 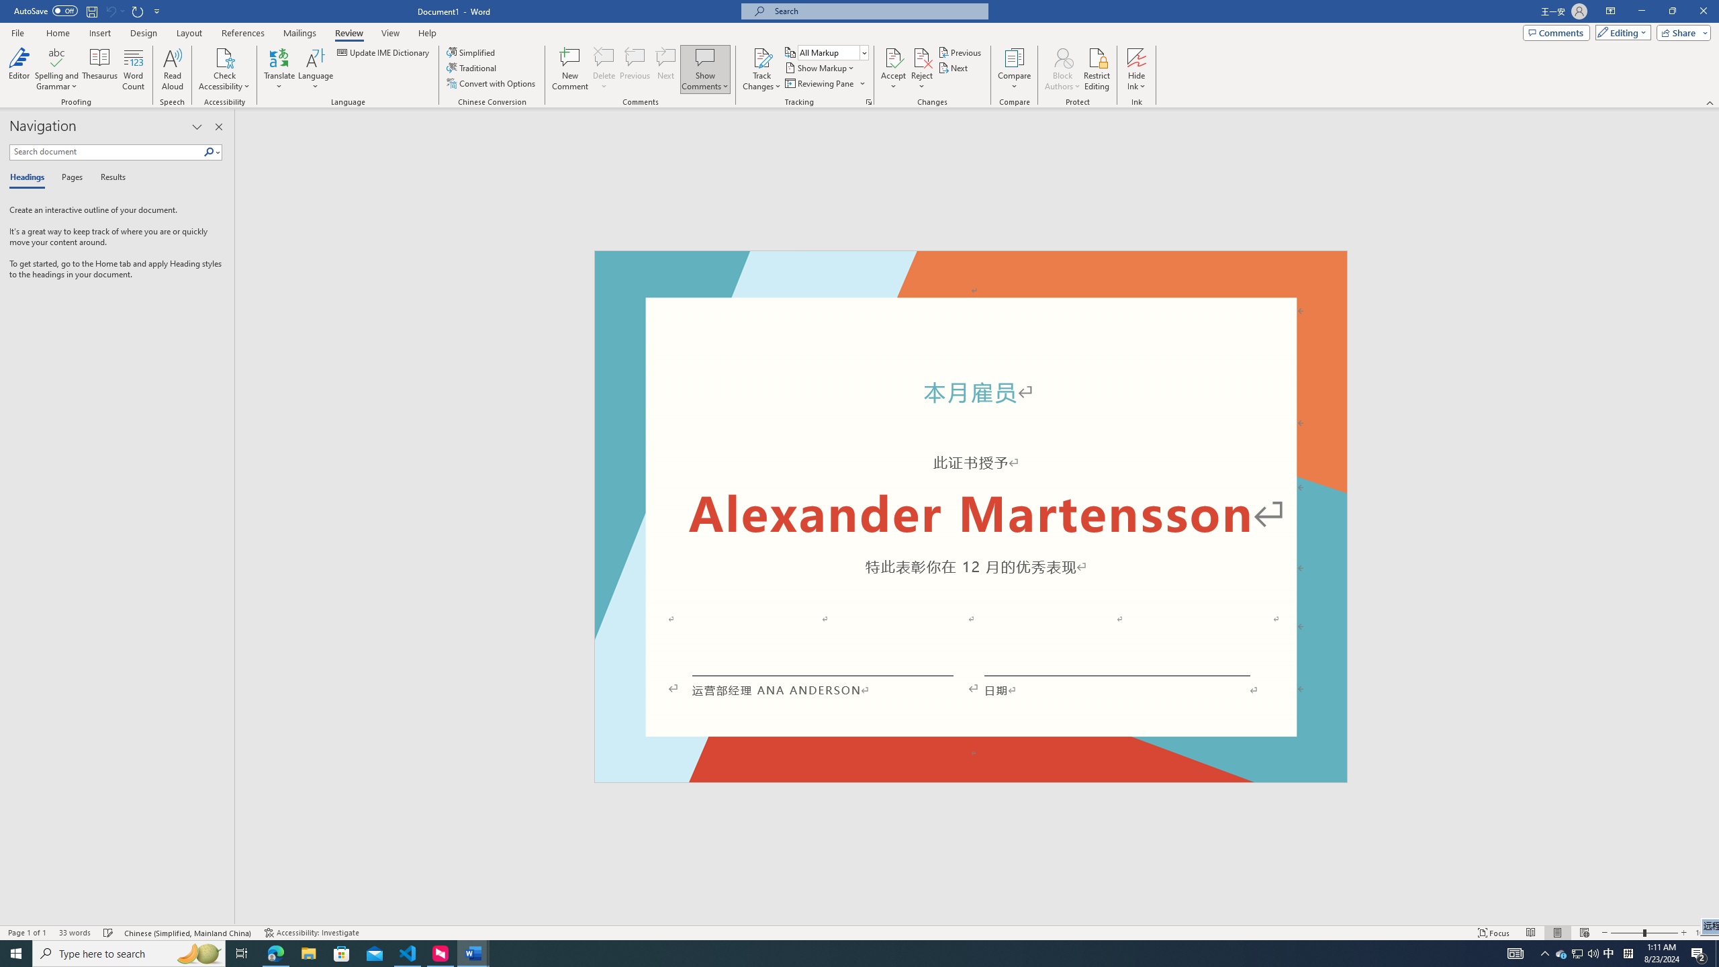 What do you see at coordinates (1672, 11) in the screenshot?
I see `'Restore Down'` at bounding box center [1672, 11].